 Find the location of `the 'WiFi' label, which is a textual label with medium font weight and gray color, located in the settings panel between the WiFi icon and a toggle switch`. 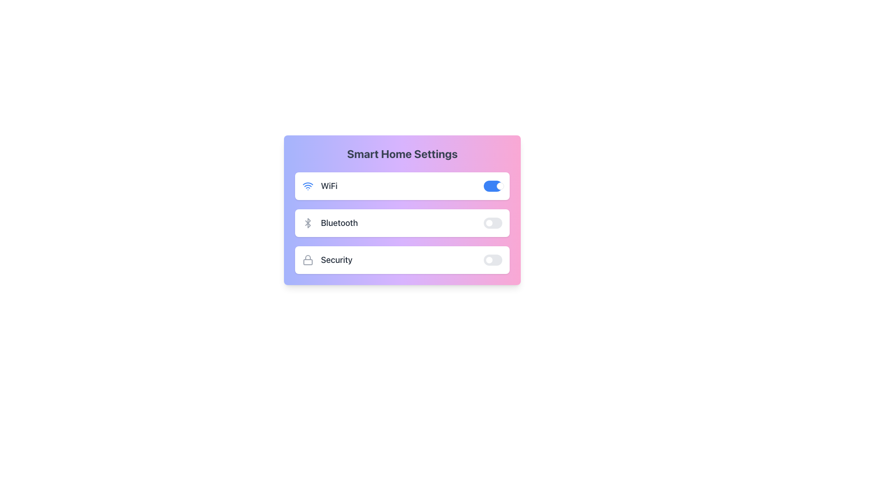

the 'WiFi' label, which is a textual label with medium font weight and gray color, located in the settings panel between the WiFi icon and a toggle switch is located at coordinates (329, 186).